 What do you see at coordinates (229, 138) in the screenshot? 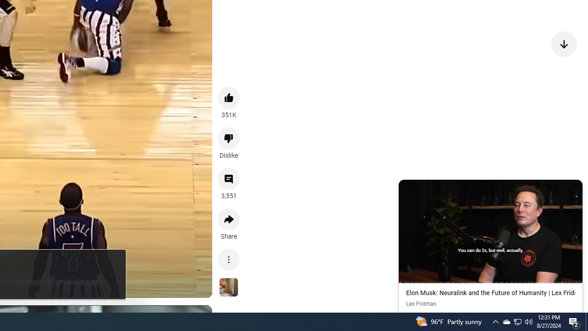
I see `'Dislike this video'` at bounding box center [229, 138].